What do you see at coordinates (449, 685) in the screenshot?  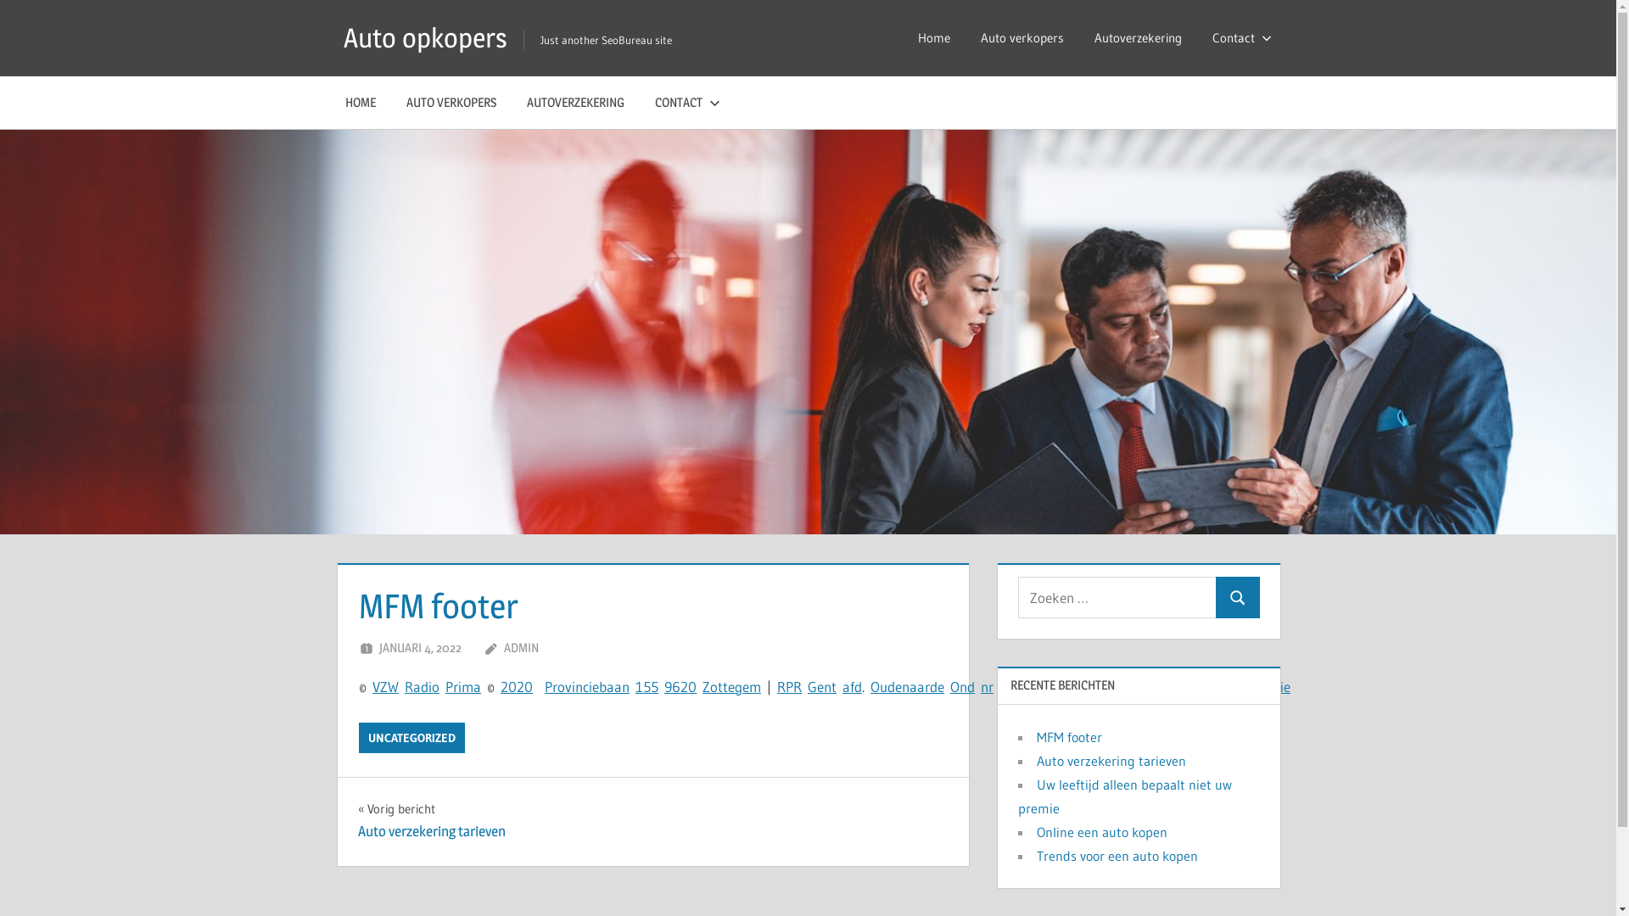 I see `'P'` at bounding box center [449, 685].